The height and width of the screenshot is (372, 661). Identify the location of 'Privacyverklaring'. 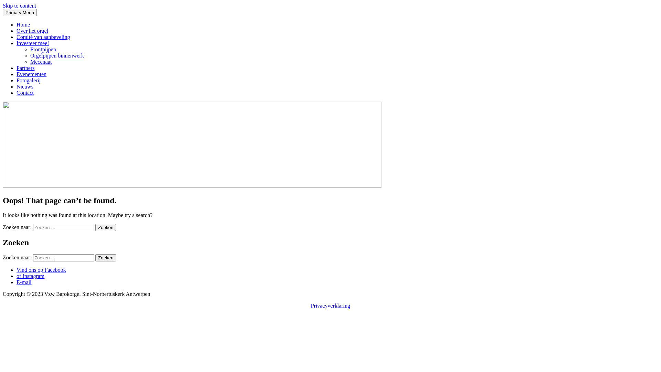
(330, 305).